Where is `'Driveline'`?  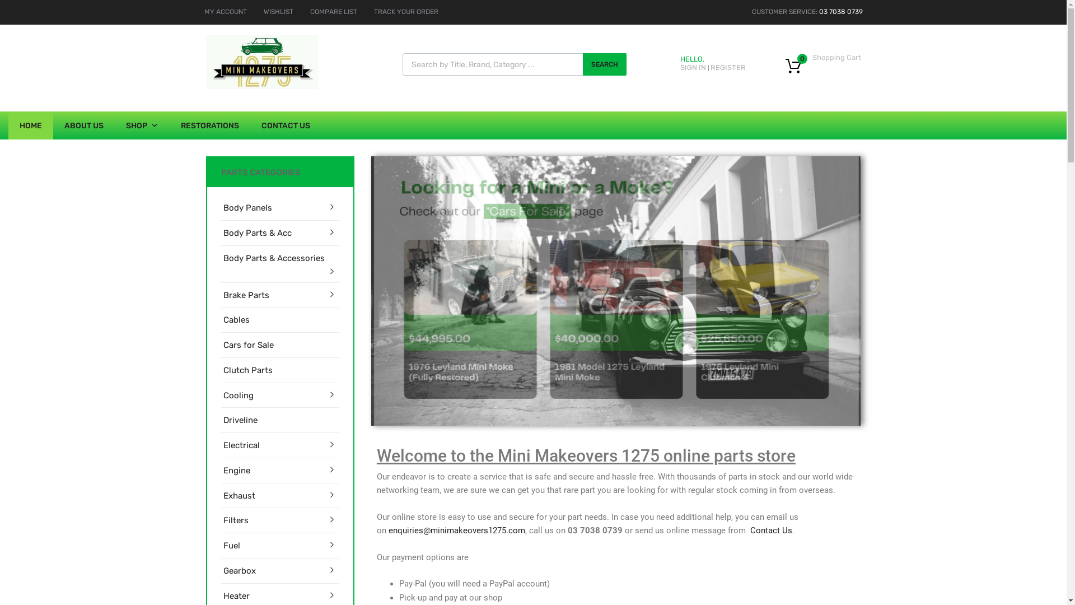
'Driveline' is located at coordinates (239, 420).